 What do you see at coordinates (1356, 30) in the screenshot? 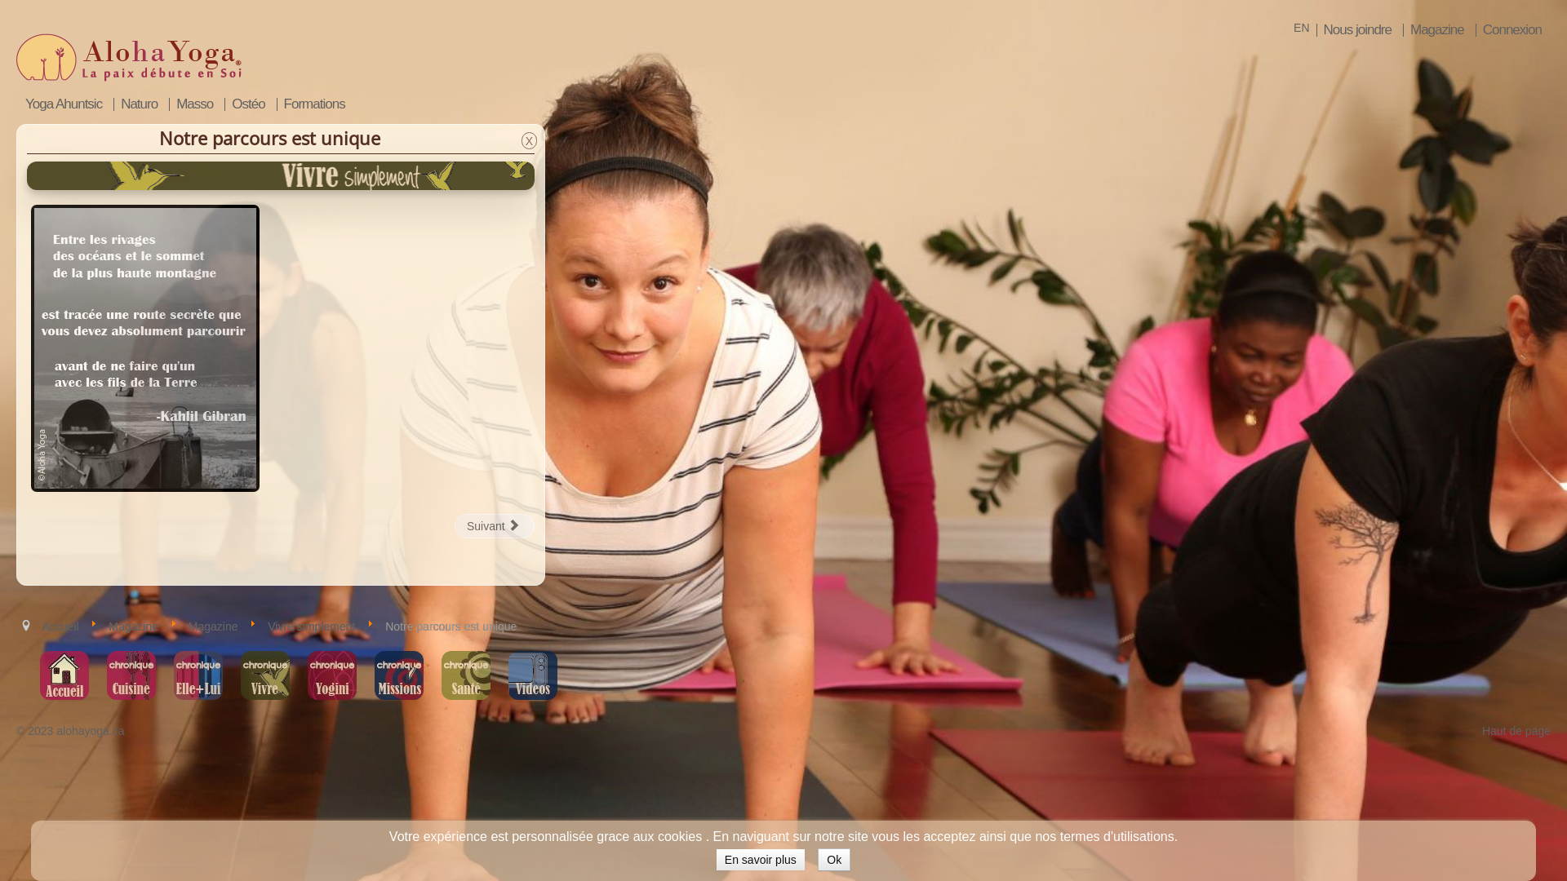
I see `'Nous joindre'` at bounding box center [1356, 30].